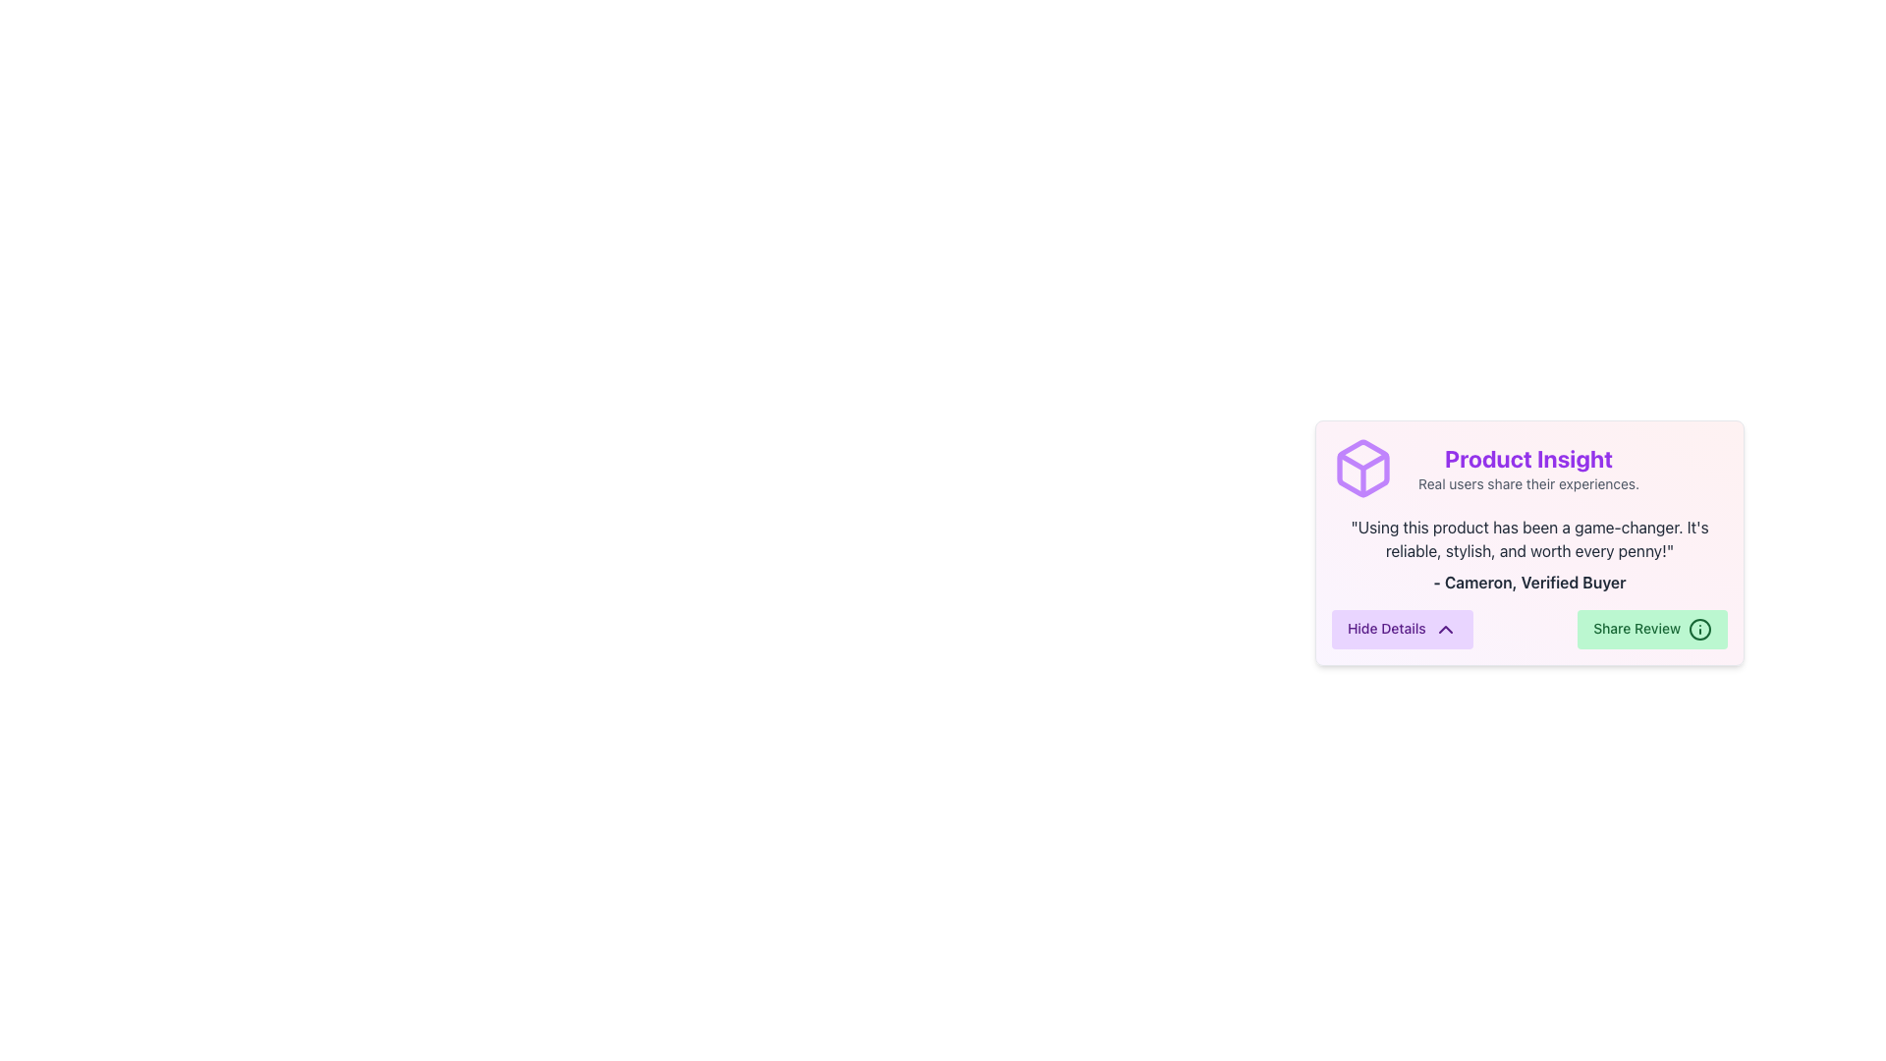 This screenshot has width=1886, height=1061. What do you see at coordinates (1699, 629) in the screenshot?
I see `the circular graphical component that is part of the information icon within the 'Share Review' button located at the bottom-right corner of the user review card` at bounding box center [1699, 629].